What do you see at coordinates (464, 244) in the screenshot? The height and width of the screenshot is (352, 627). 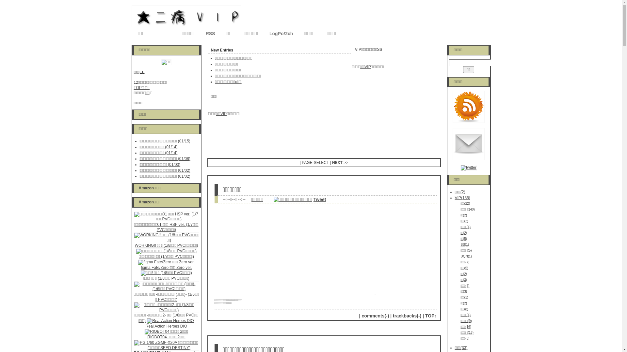 I see `'SS(1)'` at bounding box center [464, 244].